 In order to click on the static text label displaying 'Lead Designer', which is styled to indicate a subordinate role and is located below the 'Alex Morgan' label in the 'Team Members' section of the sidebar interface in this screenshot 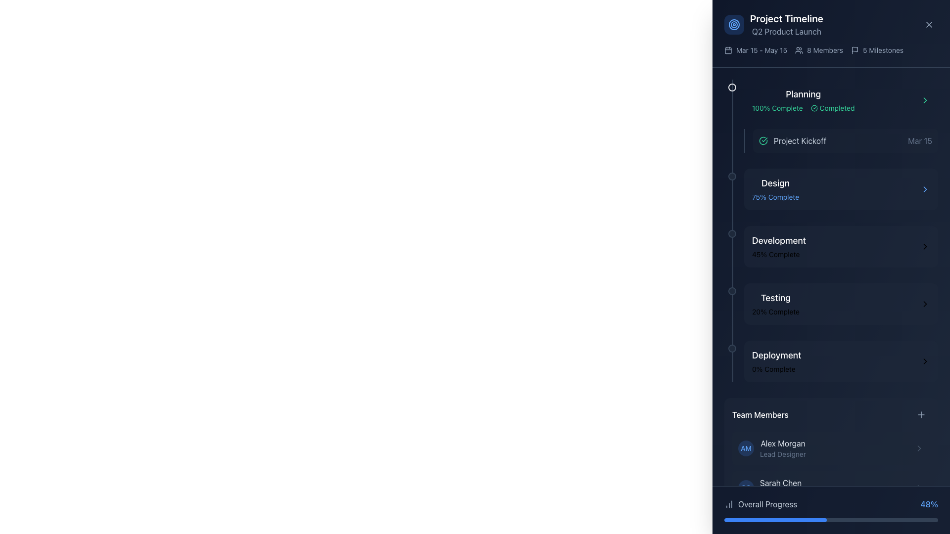, I will do `click(782, 454)`.